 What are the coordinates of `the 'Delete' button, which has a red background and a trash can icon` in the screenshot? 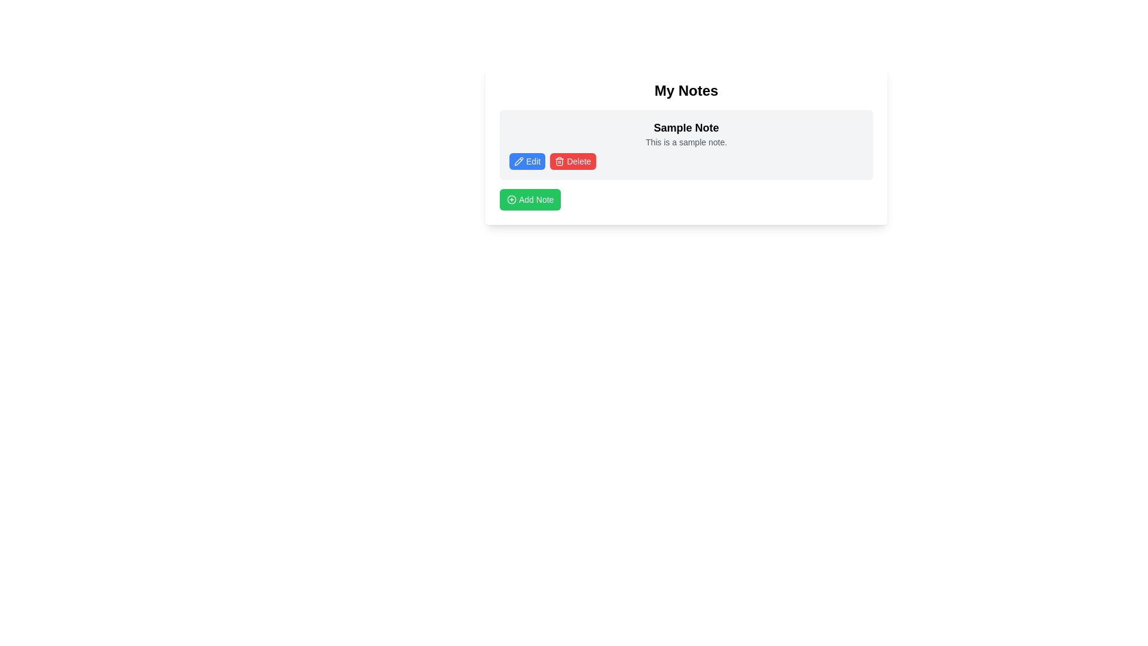 It's located at (572, 161).